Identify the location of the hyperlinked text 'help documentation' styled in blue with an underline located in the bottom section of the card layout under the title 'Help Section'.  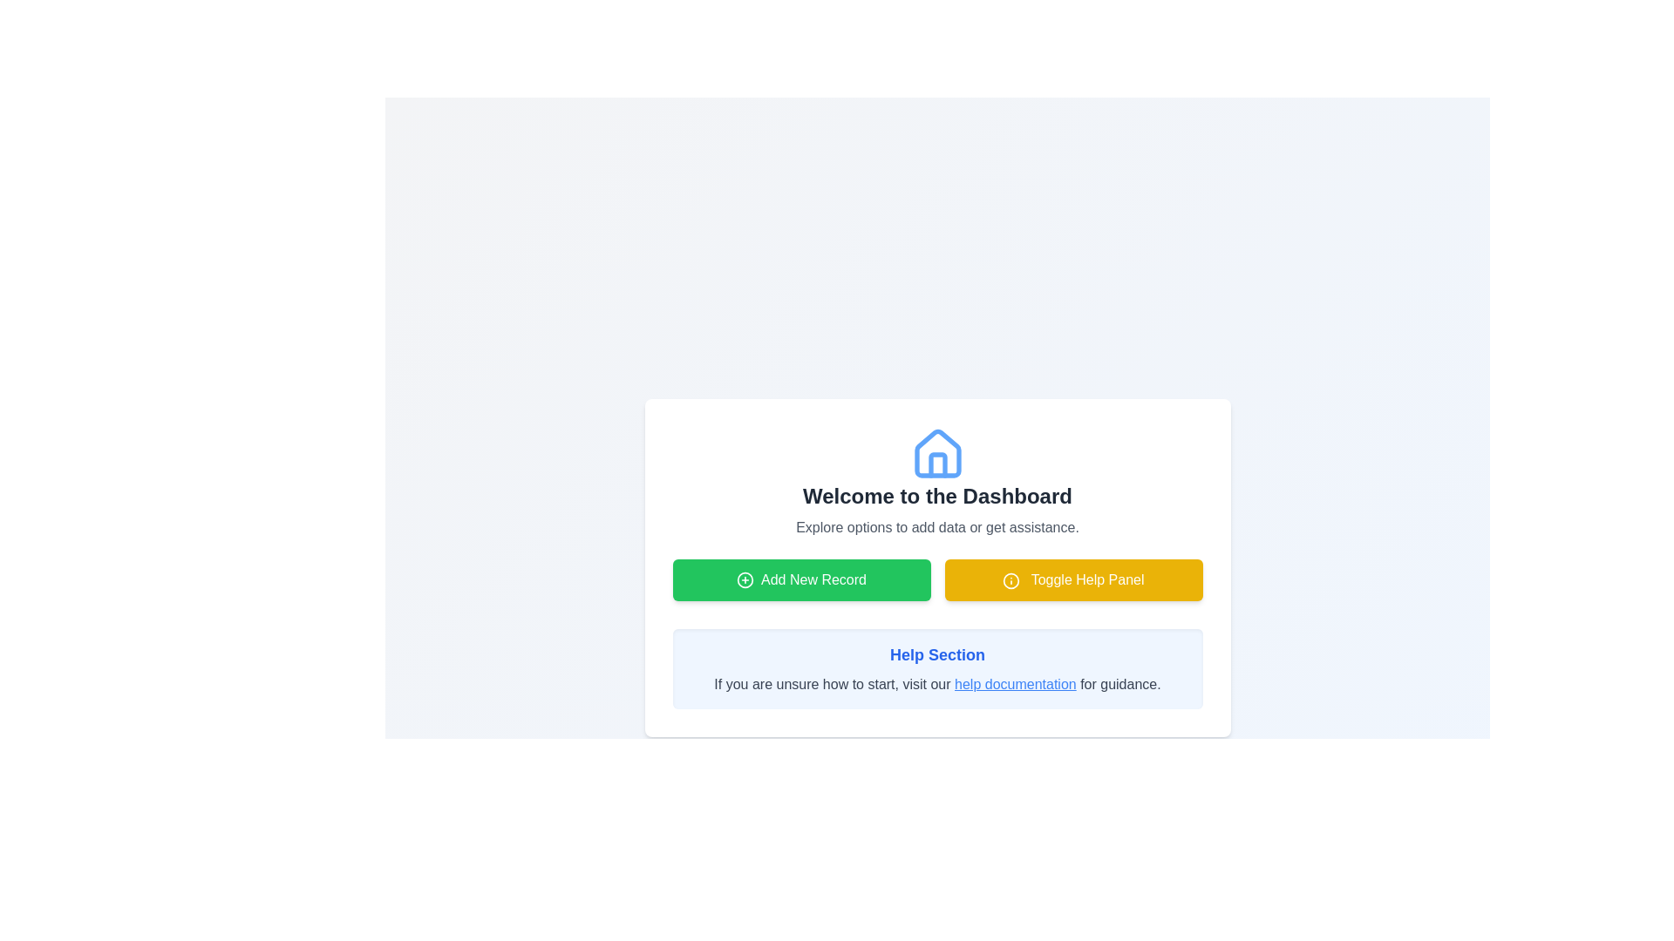
(1015, 683).